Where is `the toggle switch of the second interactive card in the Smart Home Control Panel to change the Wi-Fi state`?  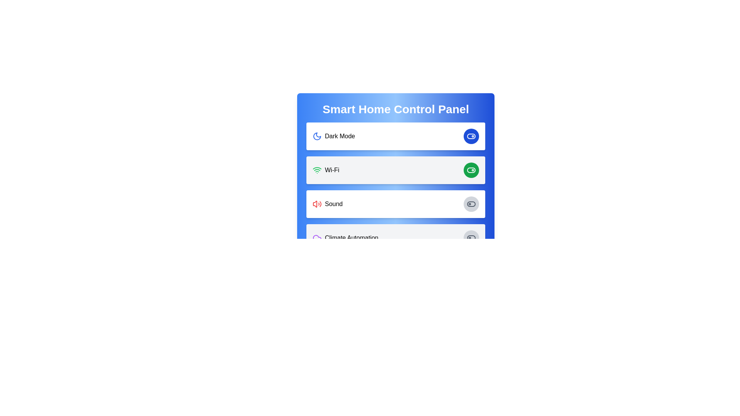
the toggle switch of the second interactive card in the Smart Home Control Panel to change the Wi-Fi state is located at coordinates (396, 170).